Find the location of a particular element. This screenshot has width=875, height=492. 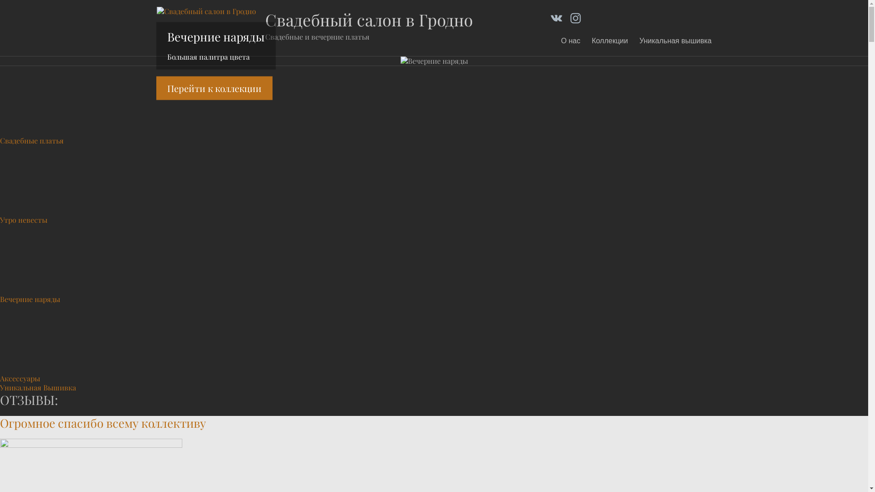

'VK' is located at coordinates (556, 18).